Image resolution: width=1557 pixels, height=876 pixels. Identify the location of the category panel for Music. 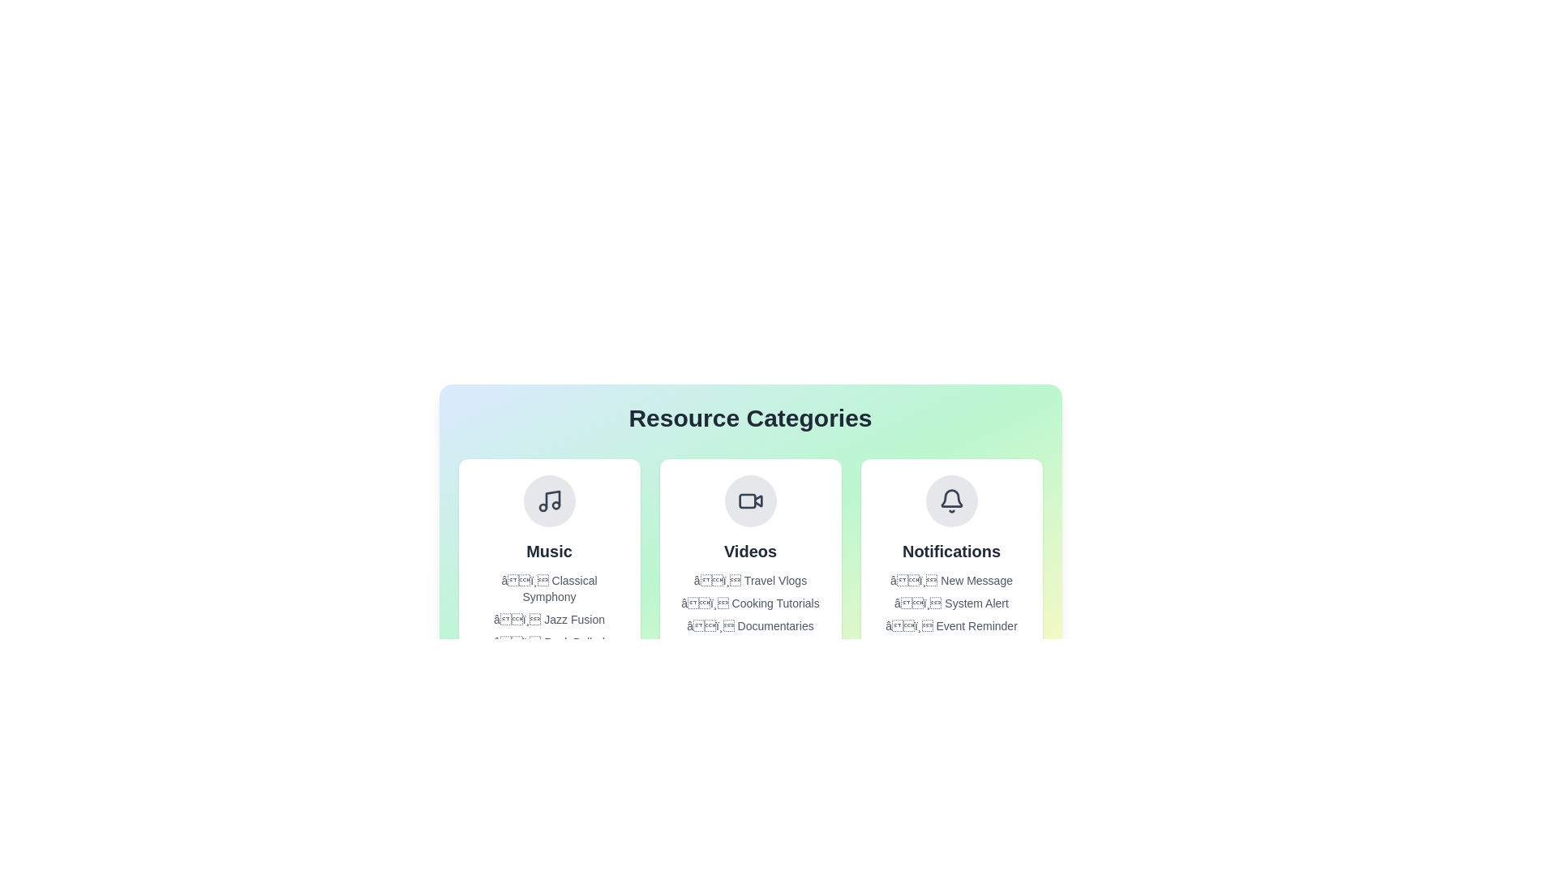
(549, 562).